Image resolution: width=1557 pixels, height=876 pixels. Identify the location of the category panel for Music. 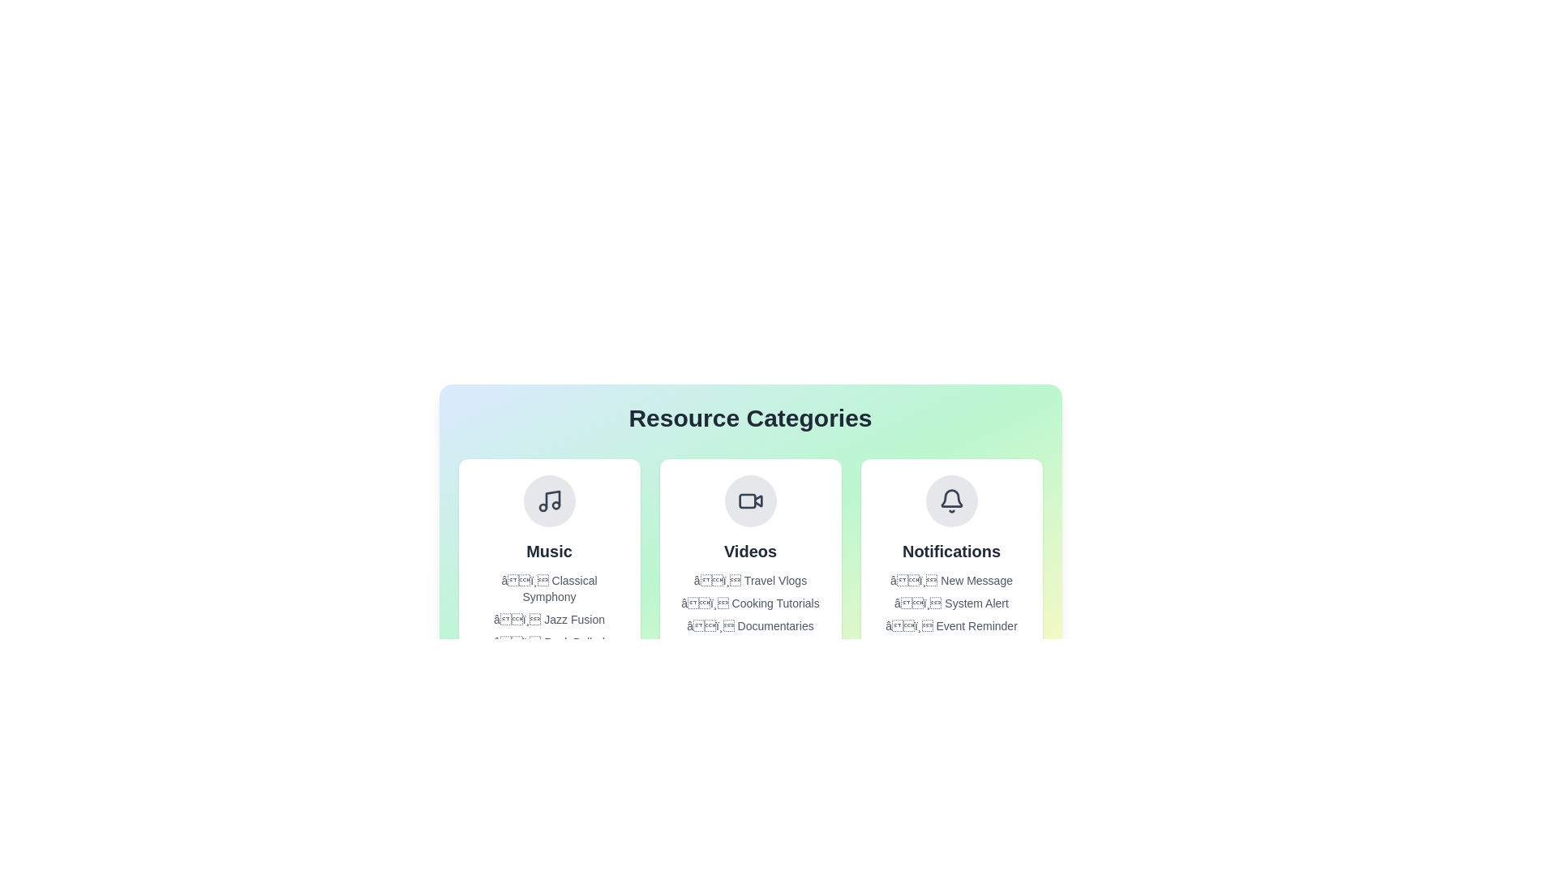
(549, 562).